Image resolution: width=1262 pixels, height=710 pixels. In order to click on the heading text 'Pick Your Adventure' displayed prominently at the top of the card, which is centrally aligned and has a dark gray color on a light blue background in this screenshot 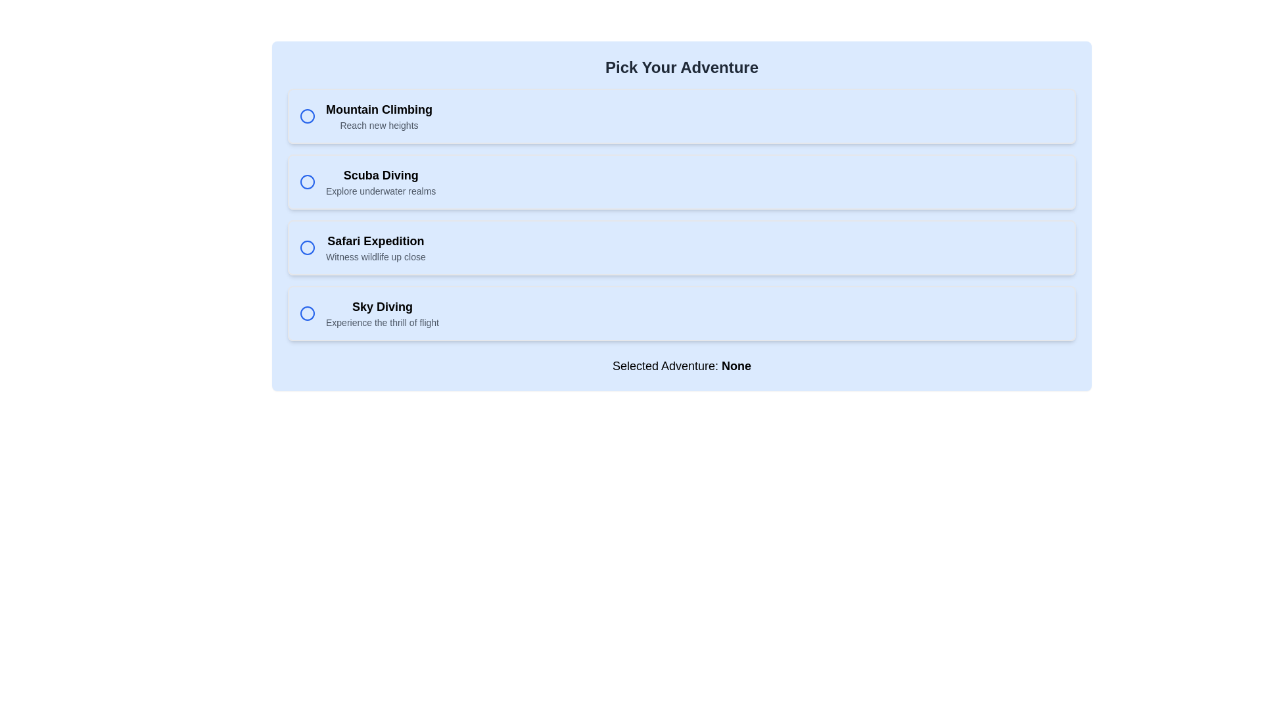, I will do `click(682, 68)`.